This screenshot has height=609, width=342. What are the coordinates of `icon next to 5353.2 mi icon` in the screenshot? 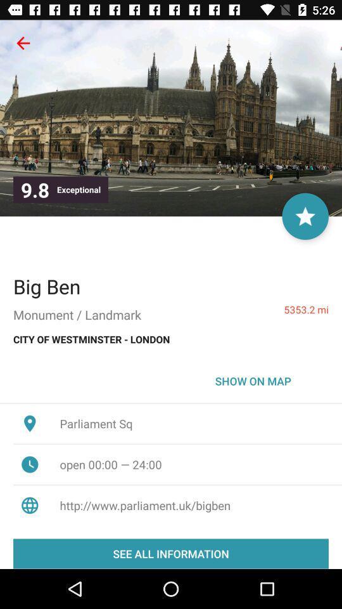 It's located at (46, 286).